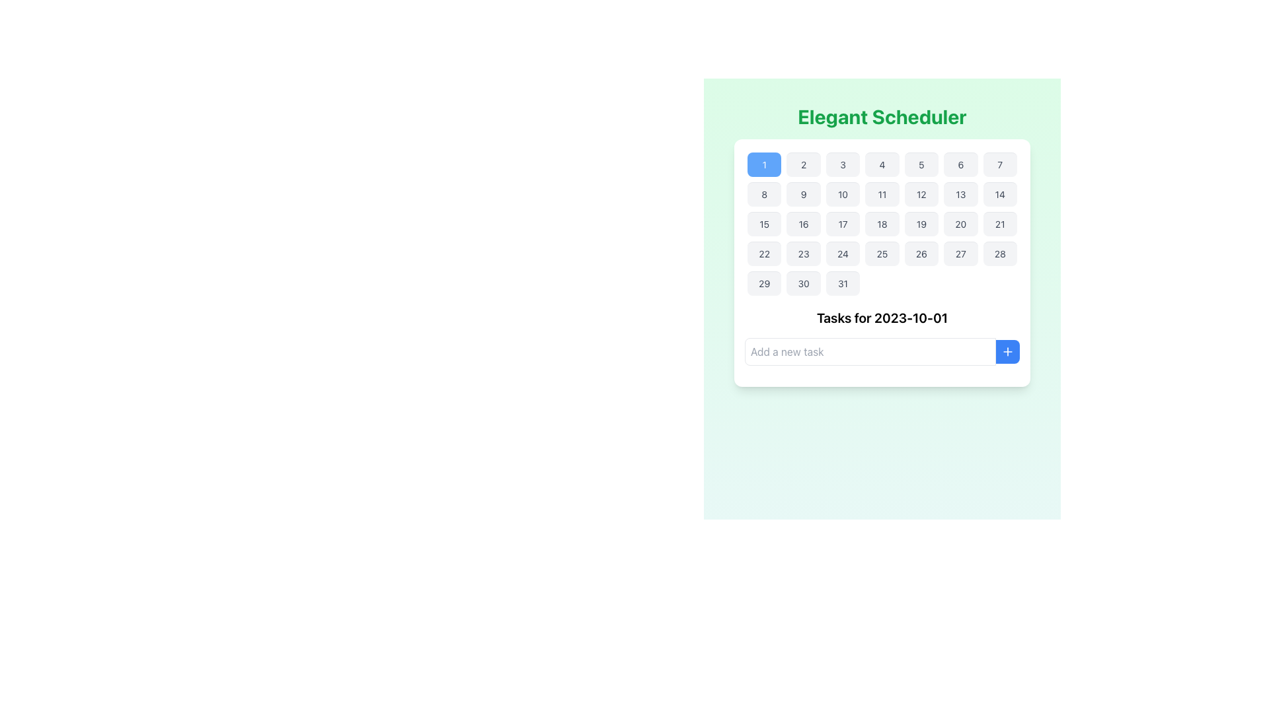  What do you see at coordinates (764, 283) in the screenshot?
I see `the small square button with the number '29' centered in dark gray text for potential range selection` at bounding box center [764, 283].